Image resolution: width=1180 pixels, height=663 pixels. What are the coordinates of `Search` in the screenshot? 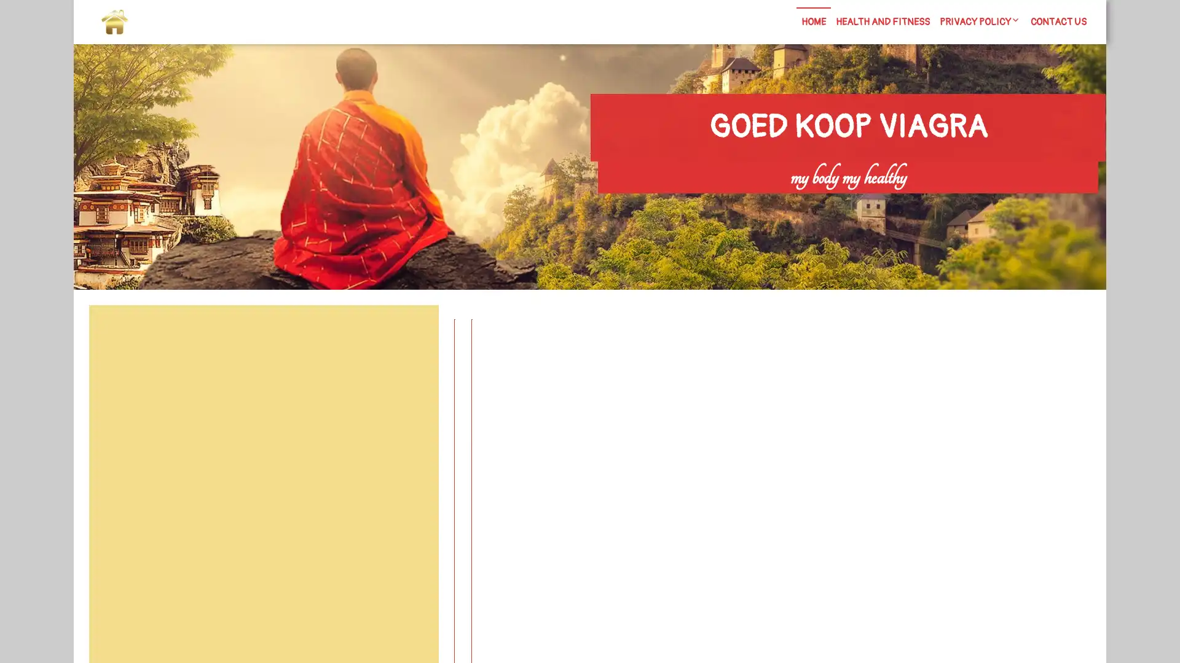 It's located at (410, 335).